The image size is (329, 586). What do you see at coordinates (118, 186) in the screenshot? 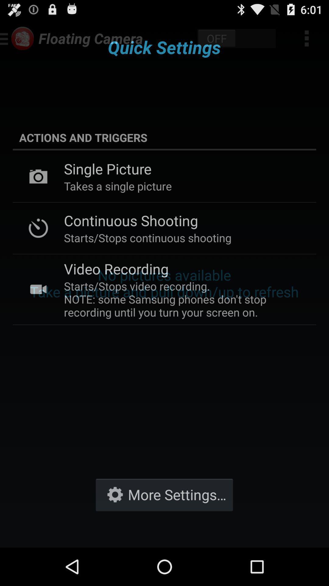
I see `the item above the continuous shooting icon` at bounding box center [118, 186].